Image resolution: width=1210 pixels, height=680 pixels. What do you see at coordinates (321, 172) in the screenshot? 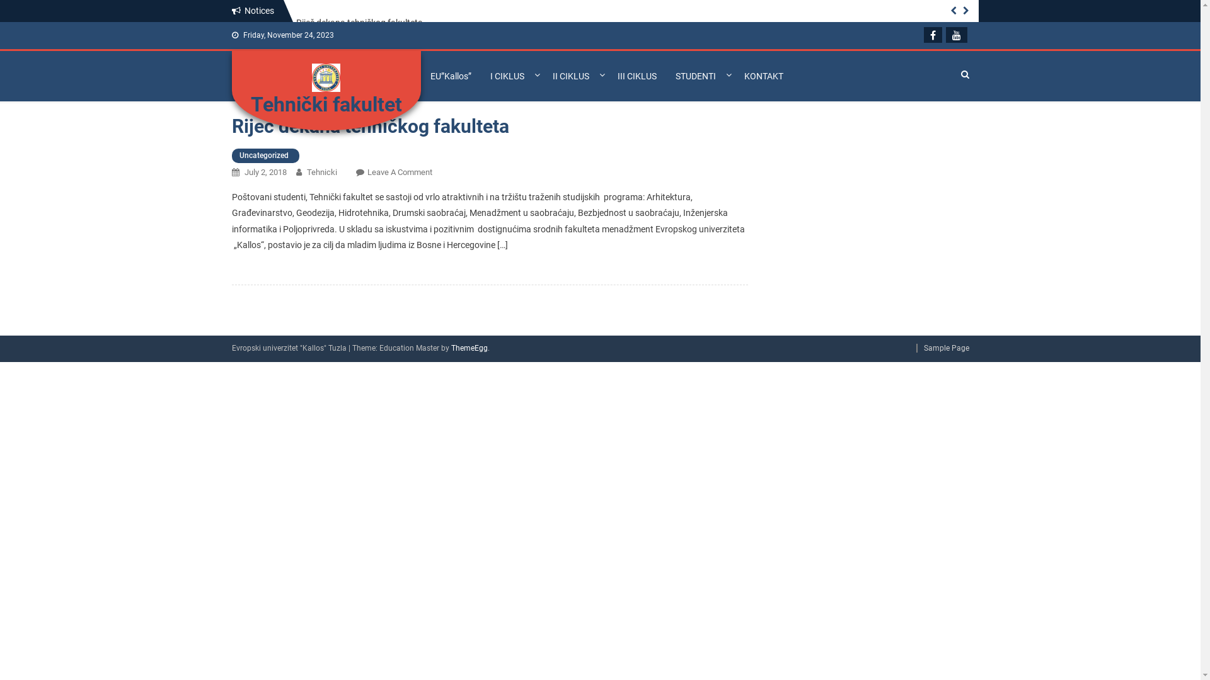
I see `'Tehnicki'` at bounding box center [321, 172].